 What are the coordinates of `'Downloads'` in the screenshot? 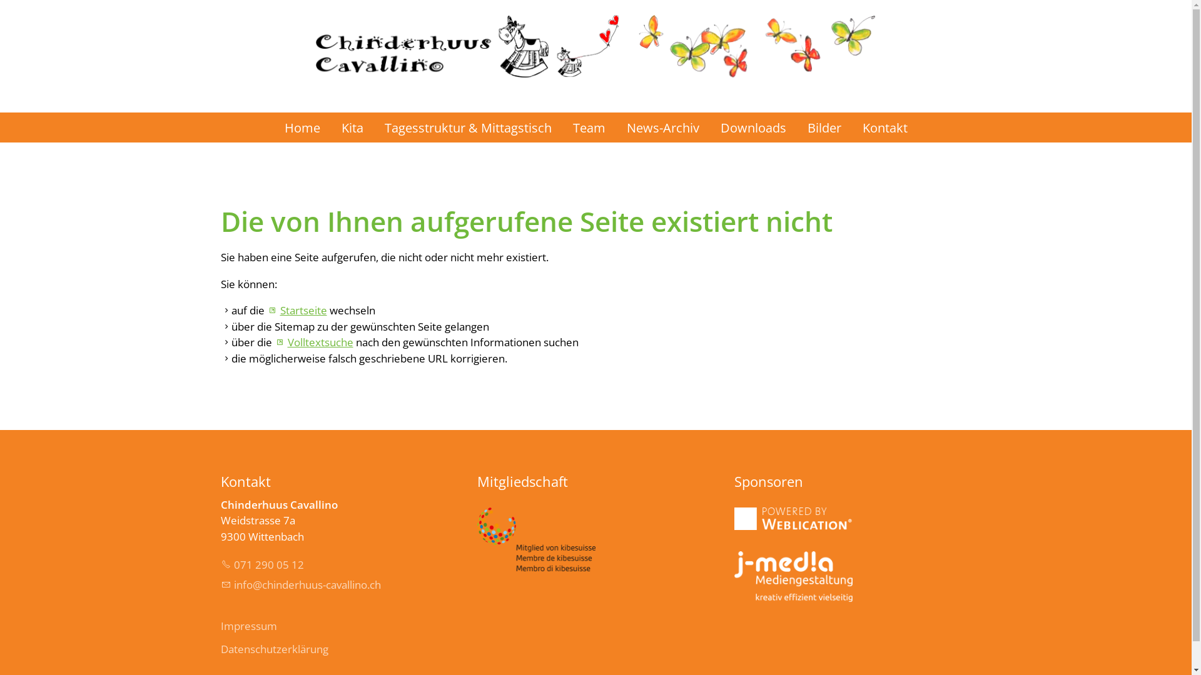 It's located at (752, 127).